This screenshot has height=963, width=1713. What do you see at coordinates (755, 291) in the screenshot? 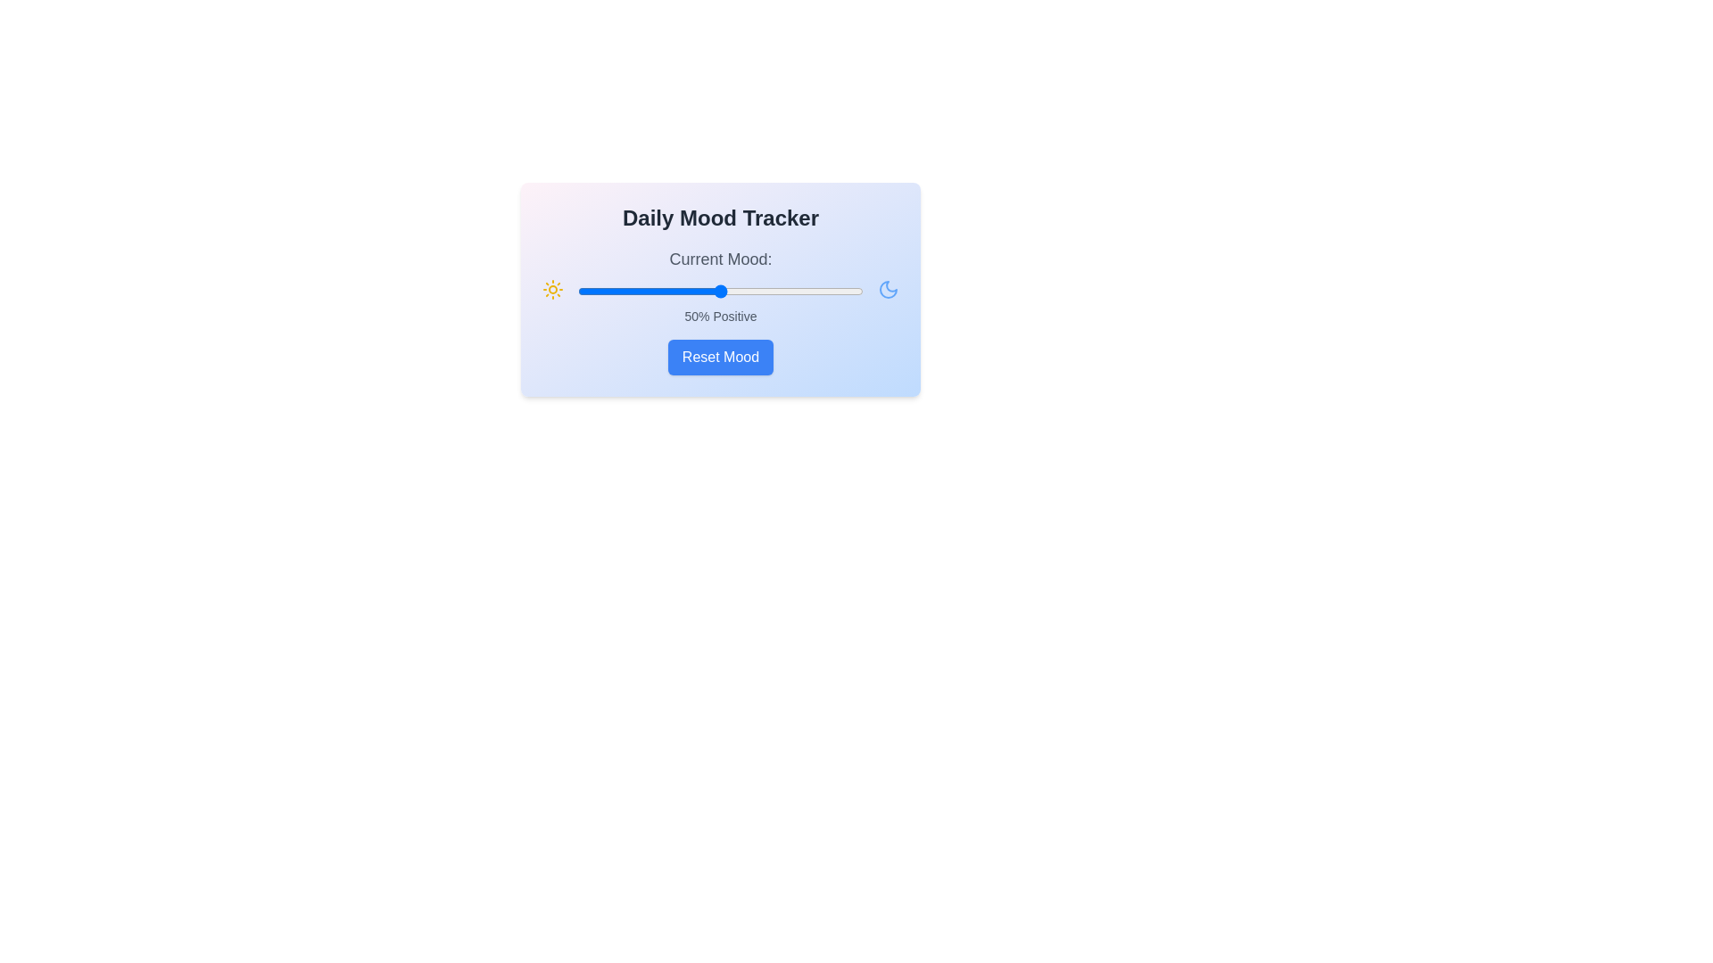
I see `mood rating` at bounding box center [755, 291].